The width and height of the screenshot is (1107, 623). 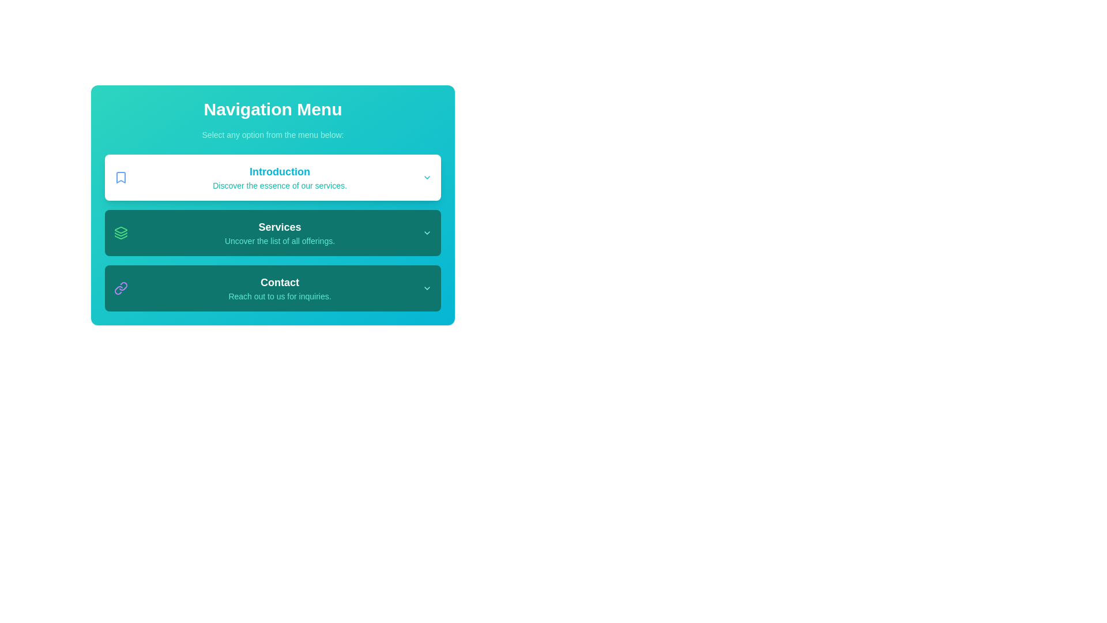 I want to click on the icon representing the 'Introduction' section in the upper left corner of the white button labeled 'Introduction' in the navigation menu, so click(x=121, y=178).